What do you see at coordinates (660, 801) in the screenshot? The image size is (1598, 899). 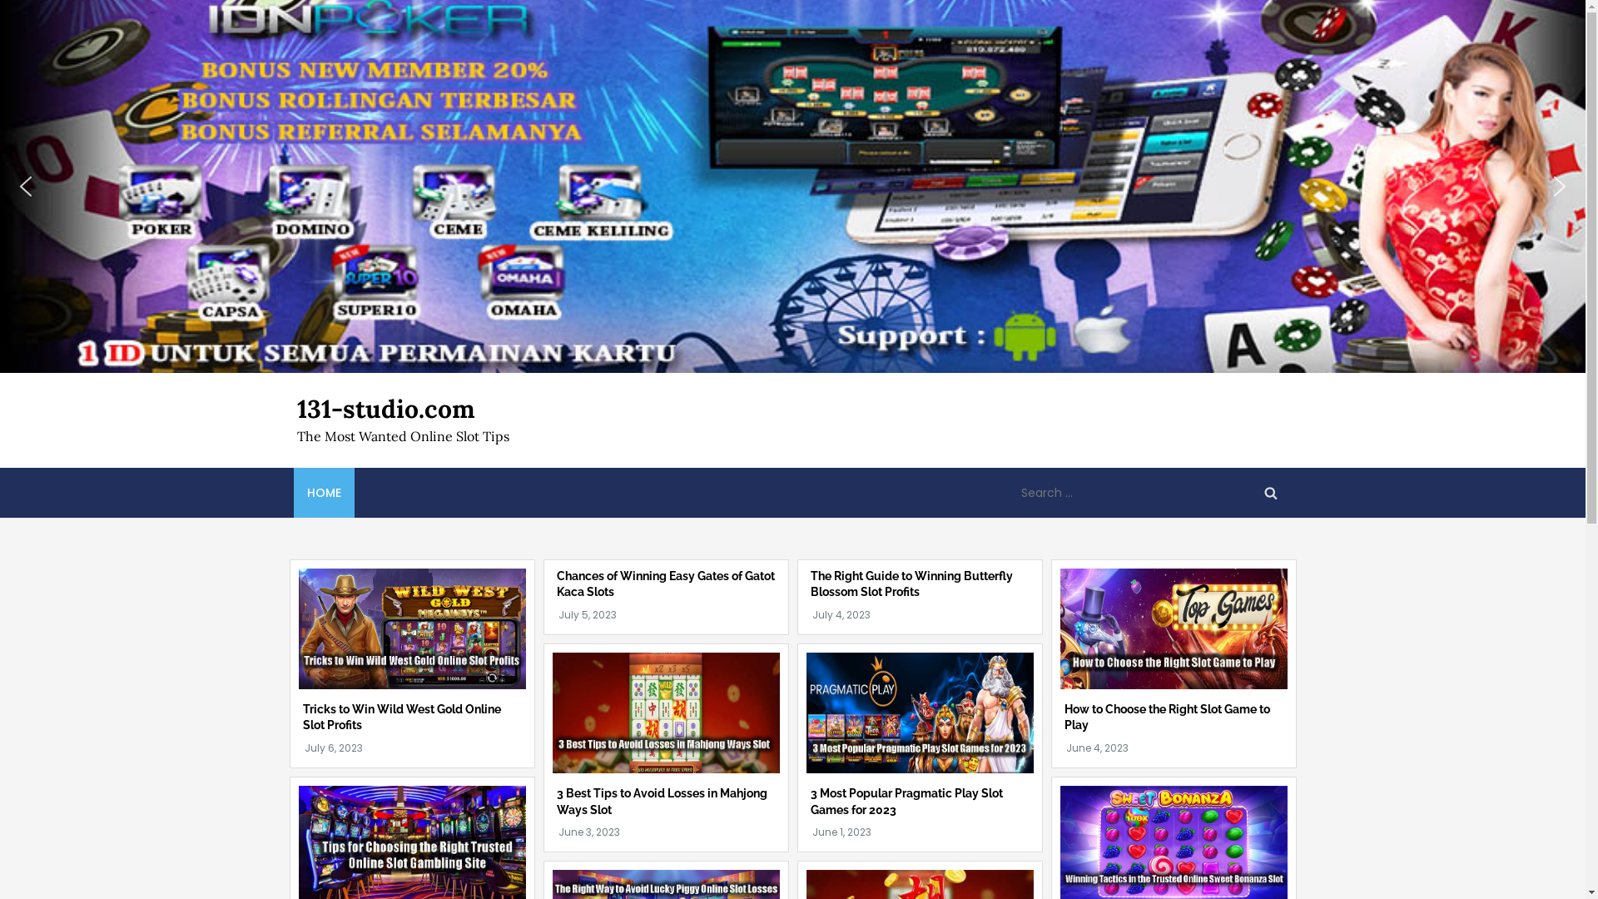 I see `'3 Best Tips to Avoid Losses in Mahjong Ways Slot'` at bounding box center [660, 801].